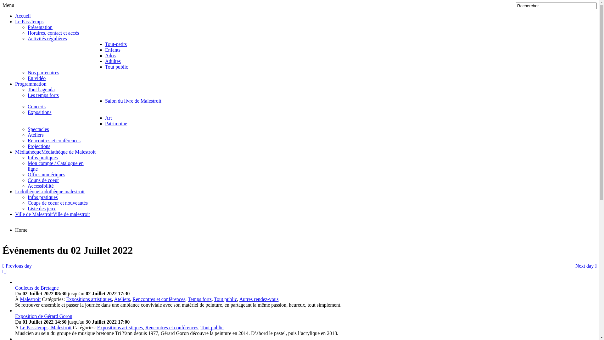 The width and height of the screenshot is (604, 340). I want to click on 'Autres rendez-vous', so click(239, 299).